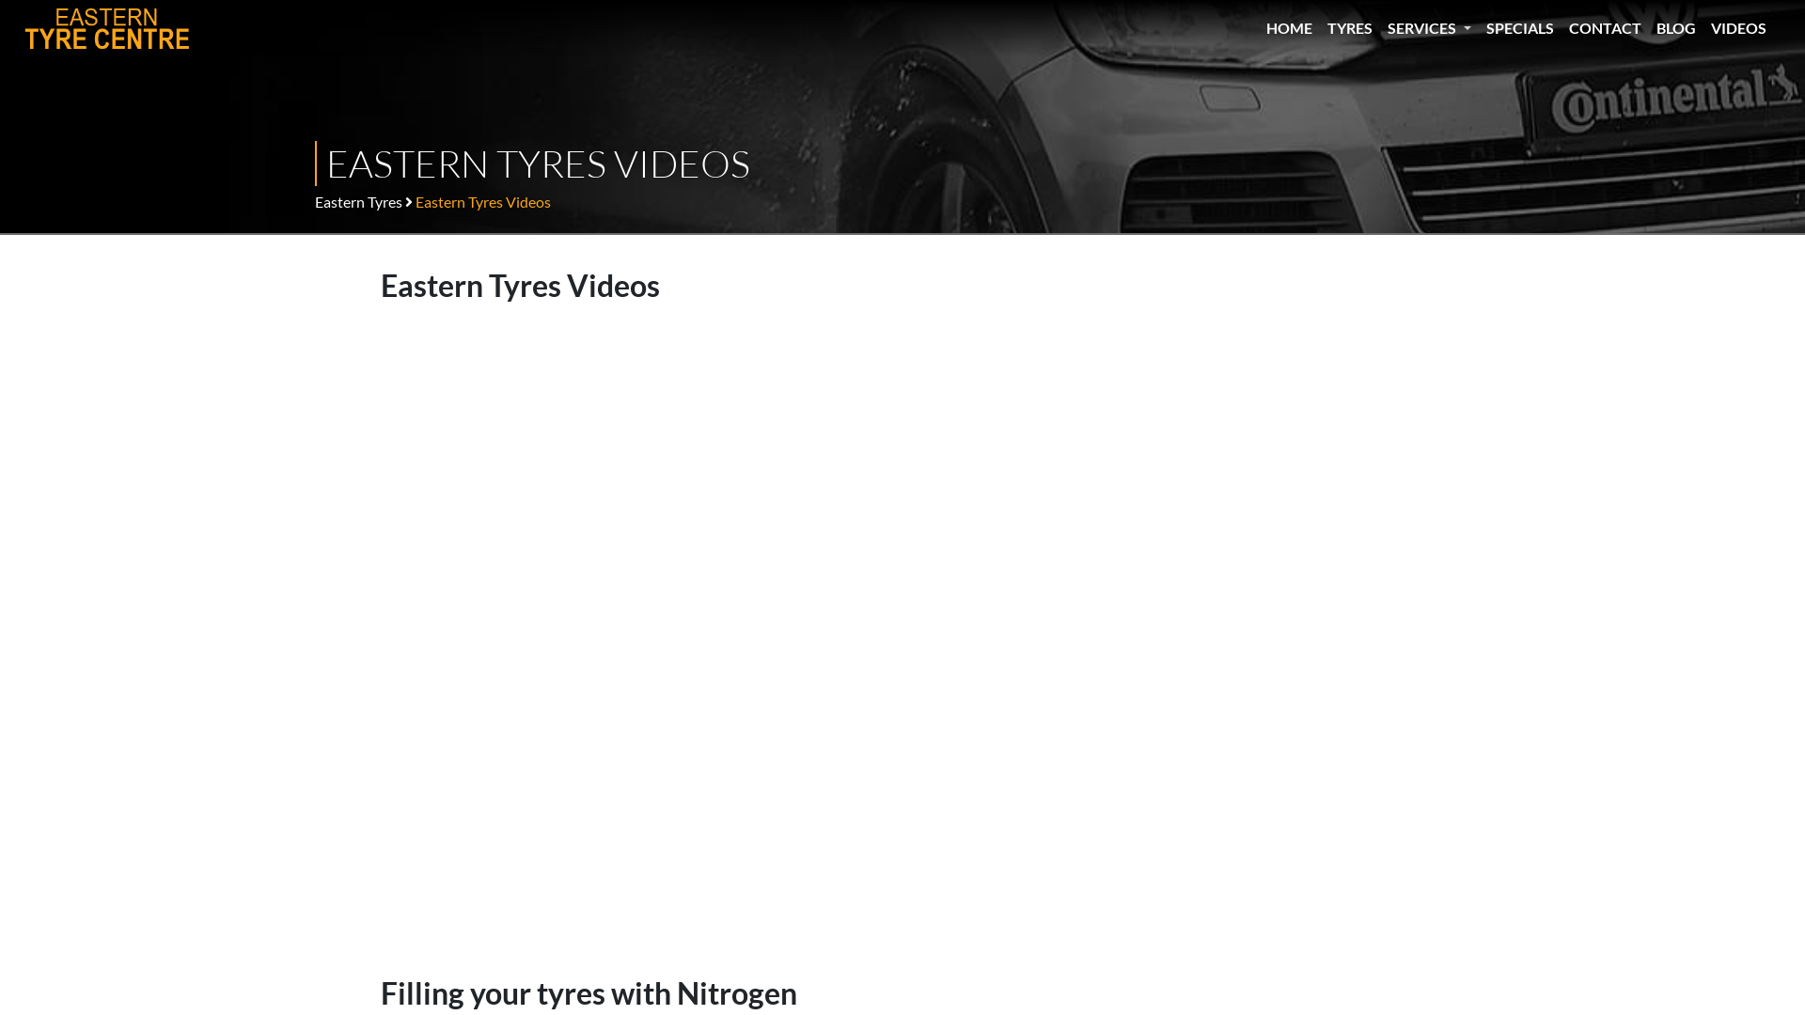 This screenshot has height=1015, width=1805. Describe the element at coordinates (1266, 28) in the screenshot. I see `'HOME'` at that location.